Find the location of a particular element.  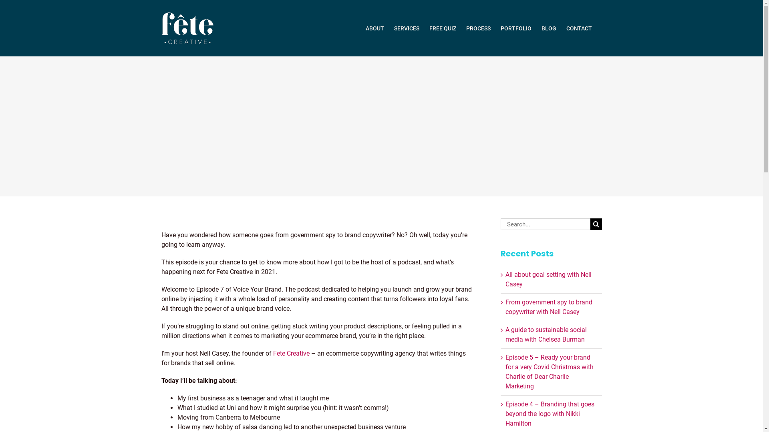

'CONTACT' is located at coordinates (579, 28).